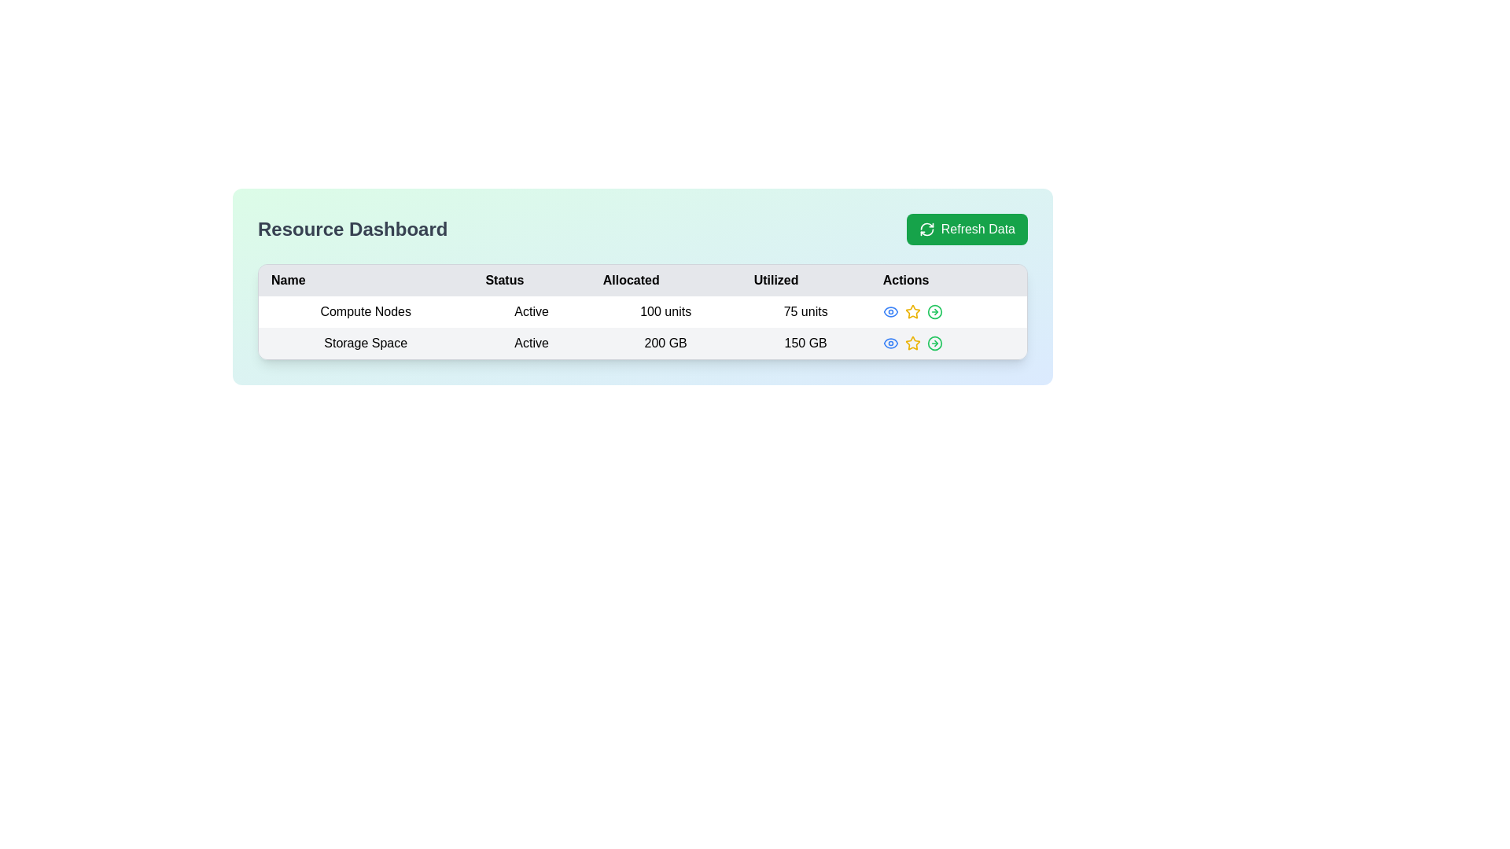  I want to click on the refresh button located on the top-right corner of the 'Resource Dashboard' header to reload the displayed data, so click(966, 230).